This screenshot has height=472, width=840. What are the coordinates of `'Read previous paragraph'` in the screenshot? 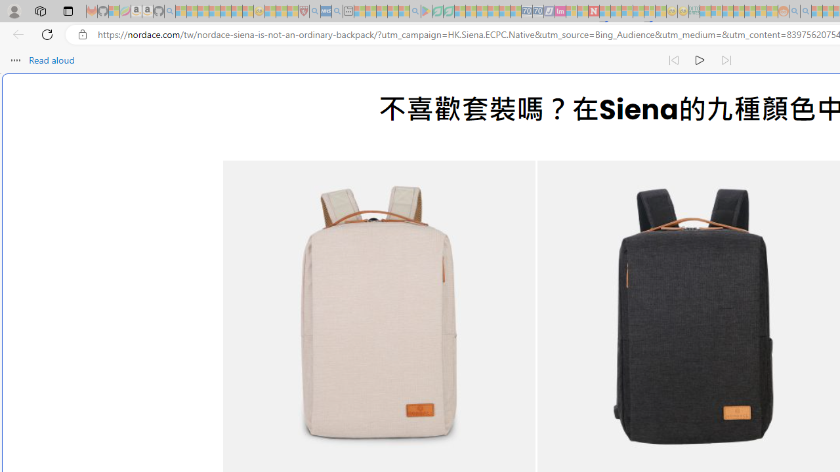 It's located at (673, 60).